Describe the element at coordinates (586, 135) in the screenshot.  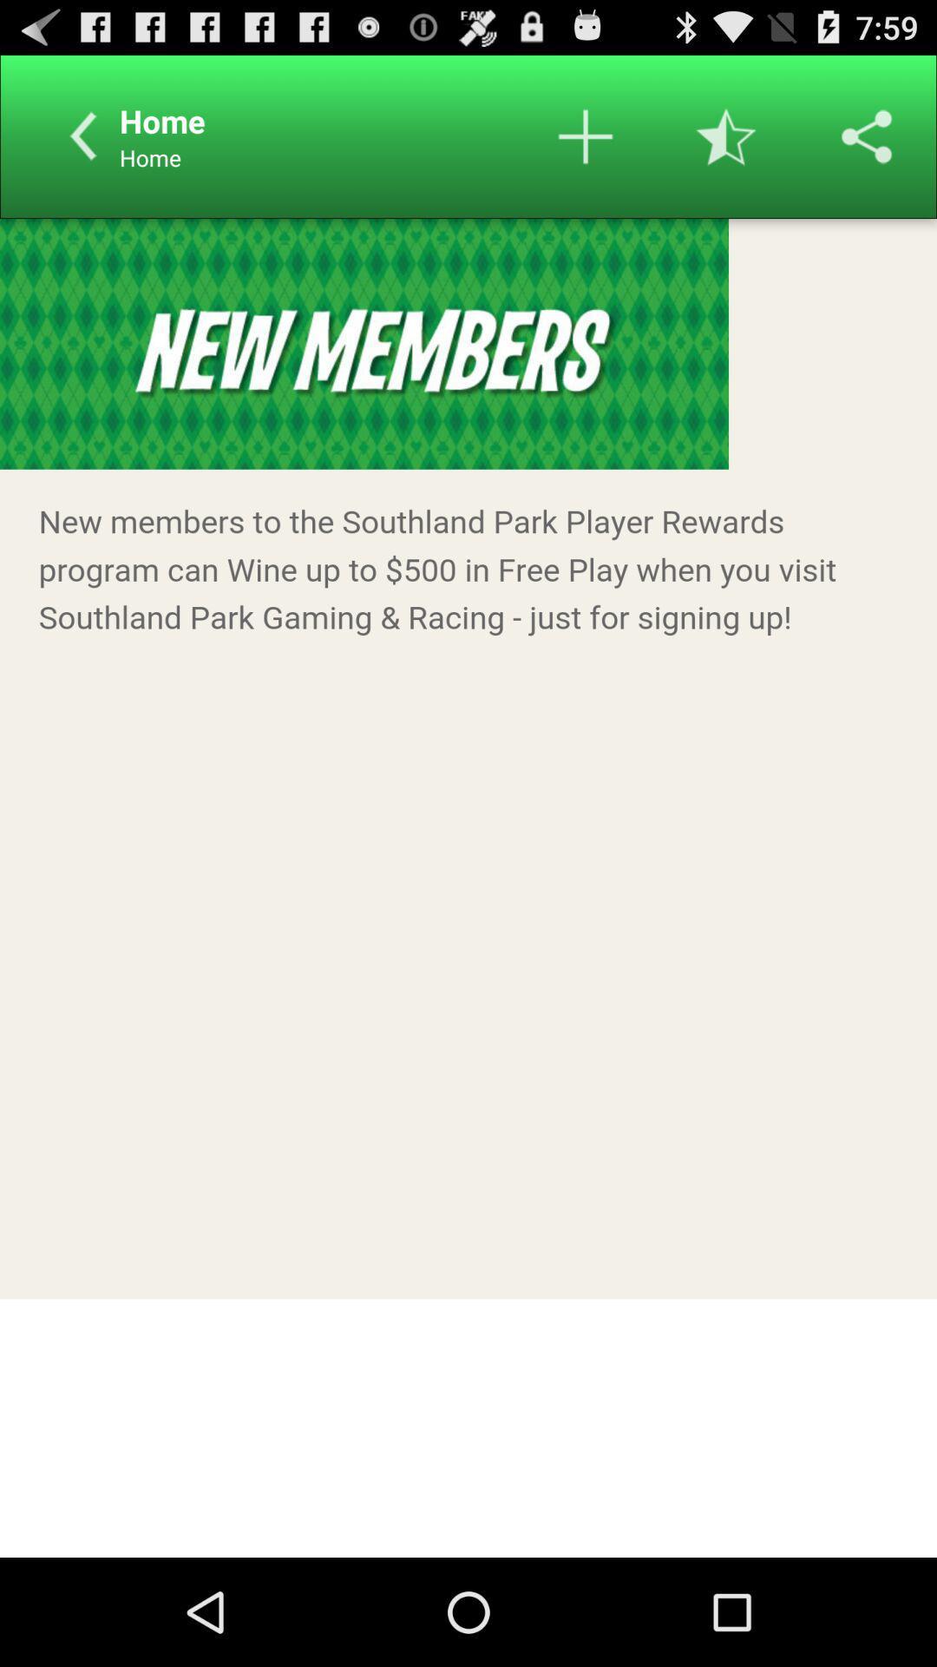
I see `something or add new member` at that location.